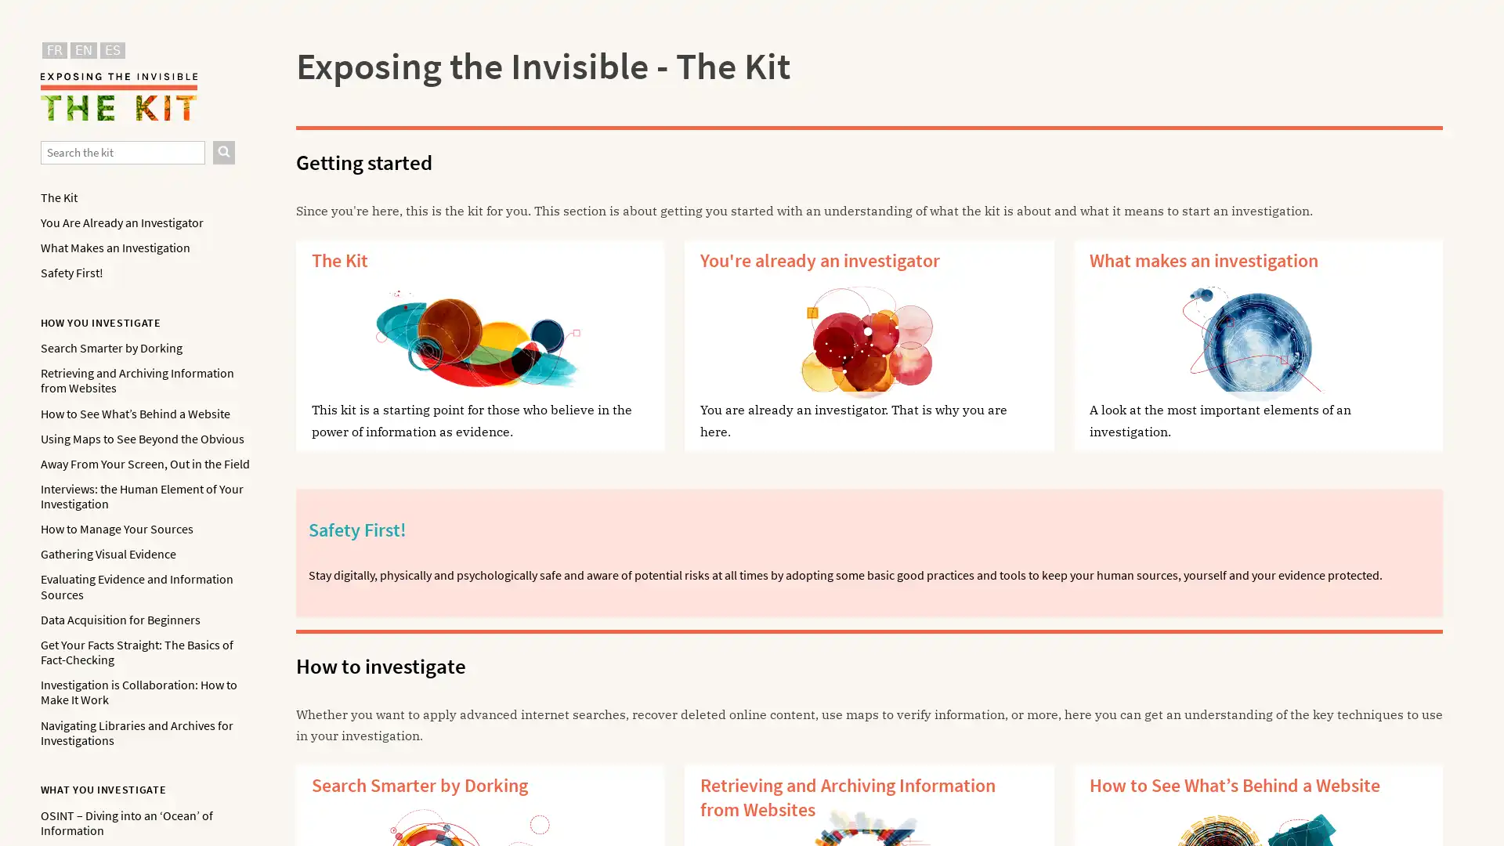 This screenshot has height=846, width=1504. I want to click on ES, so click(111, 49).